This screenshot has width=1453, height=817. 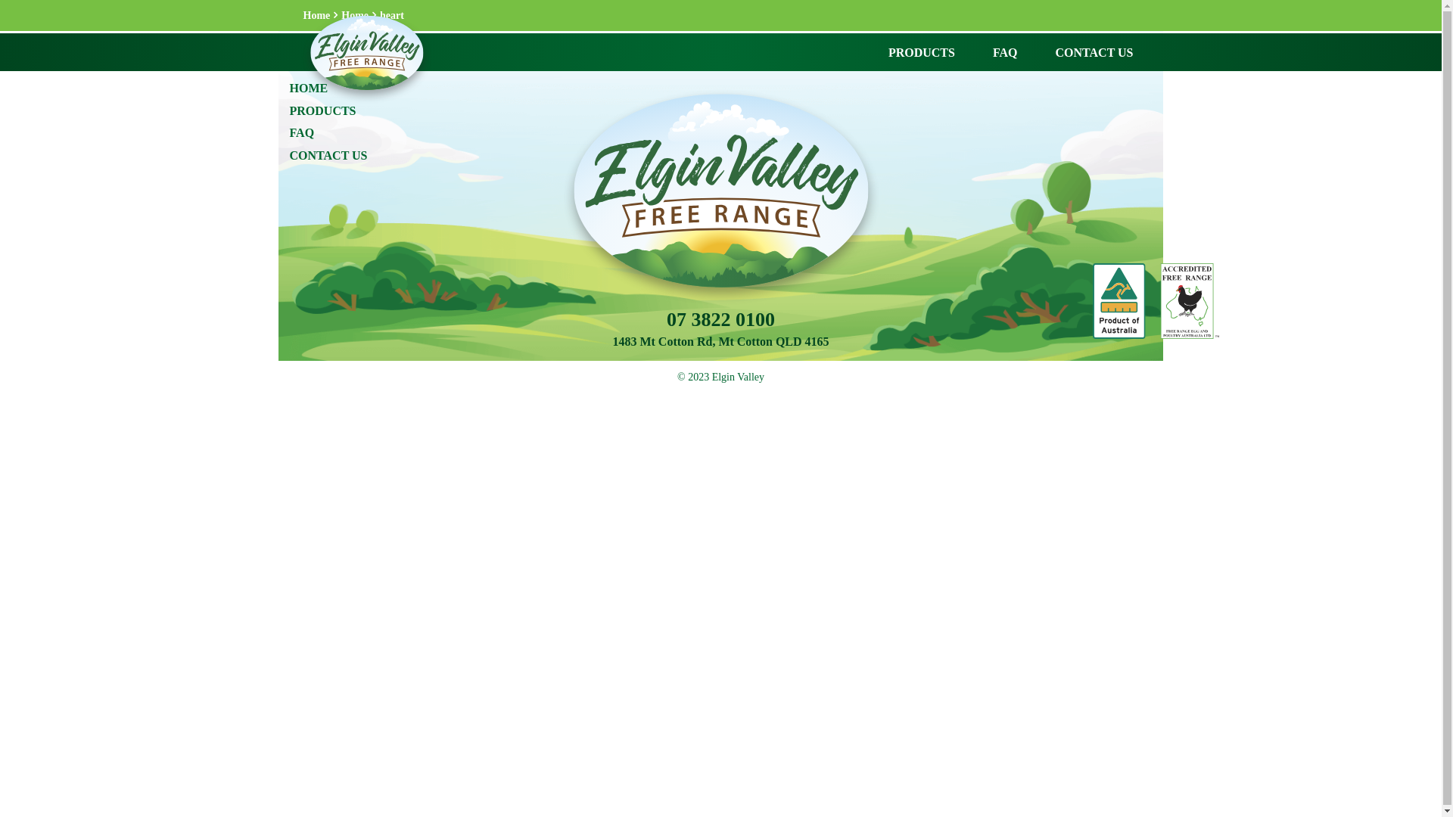 I want to click on 'PRODUCTS', so click(x=921, y=51).